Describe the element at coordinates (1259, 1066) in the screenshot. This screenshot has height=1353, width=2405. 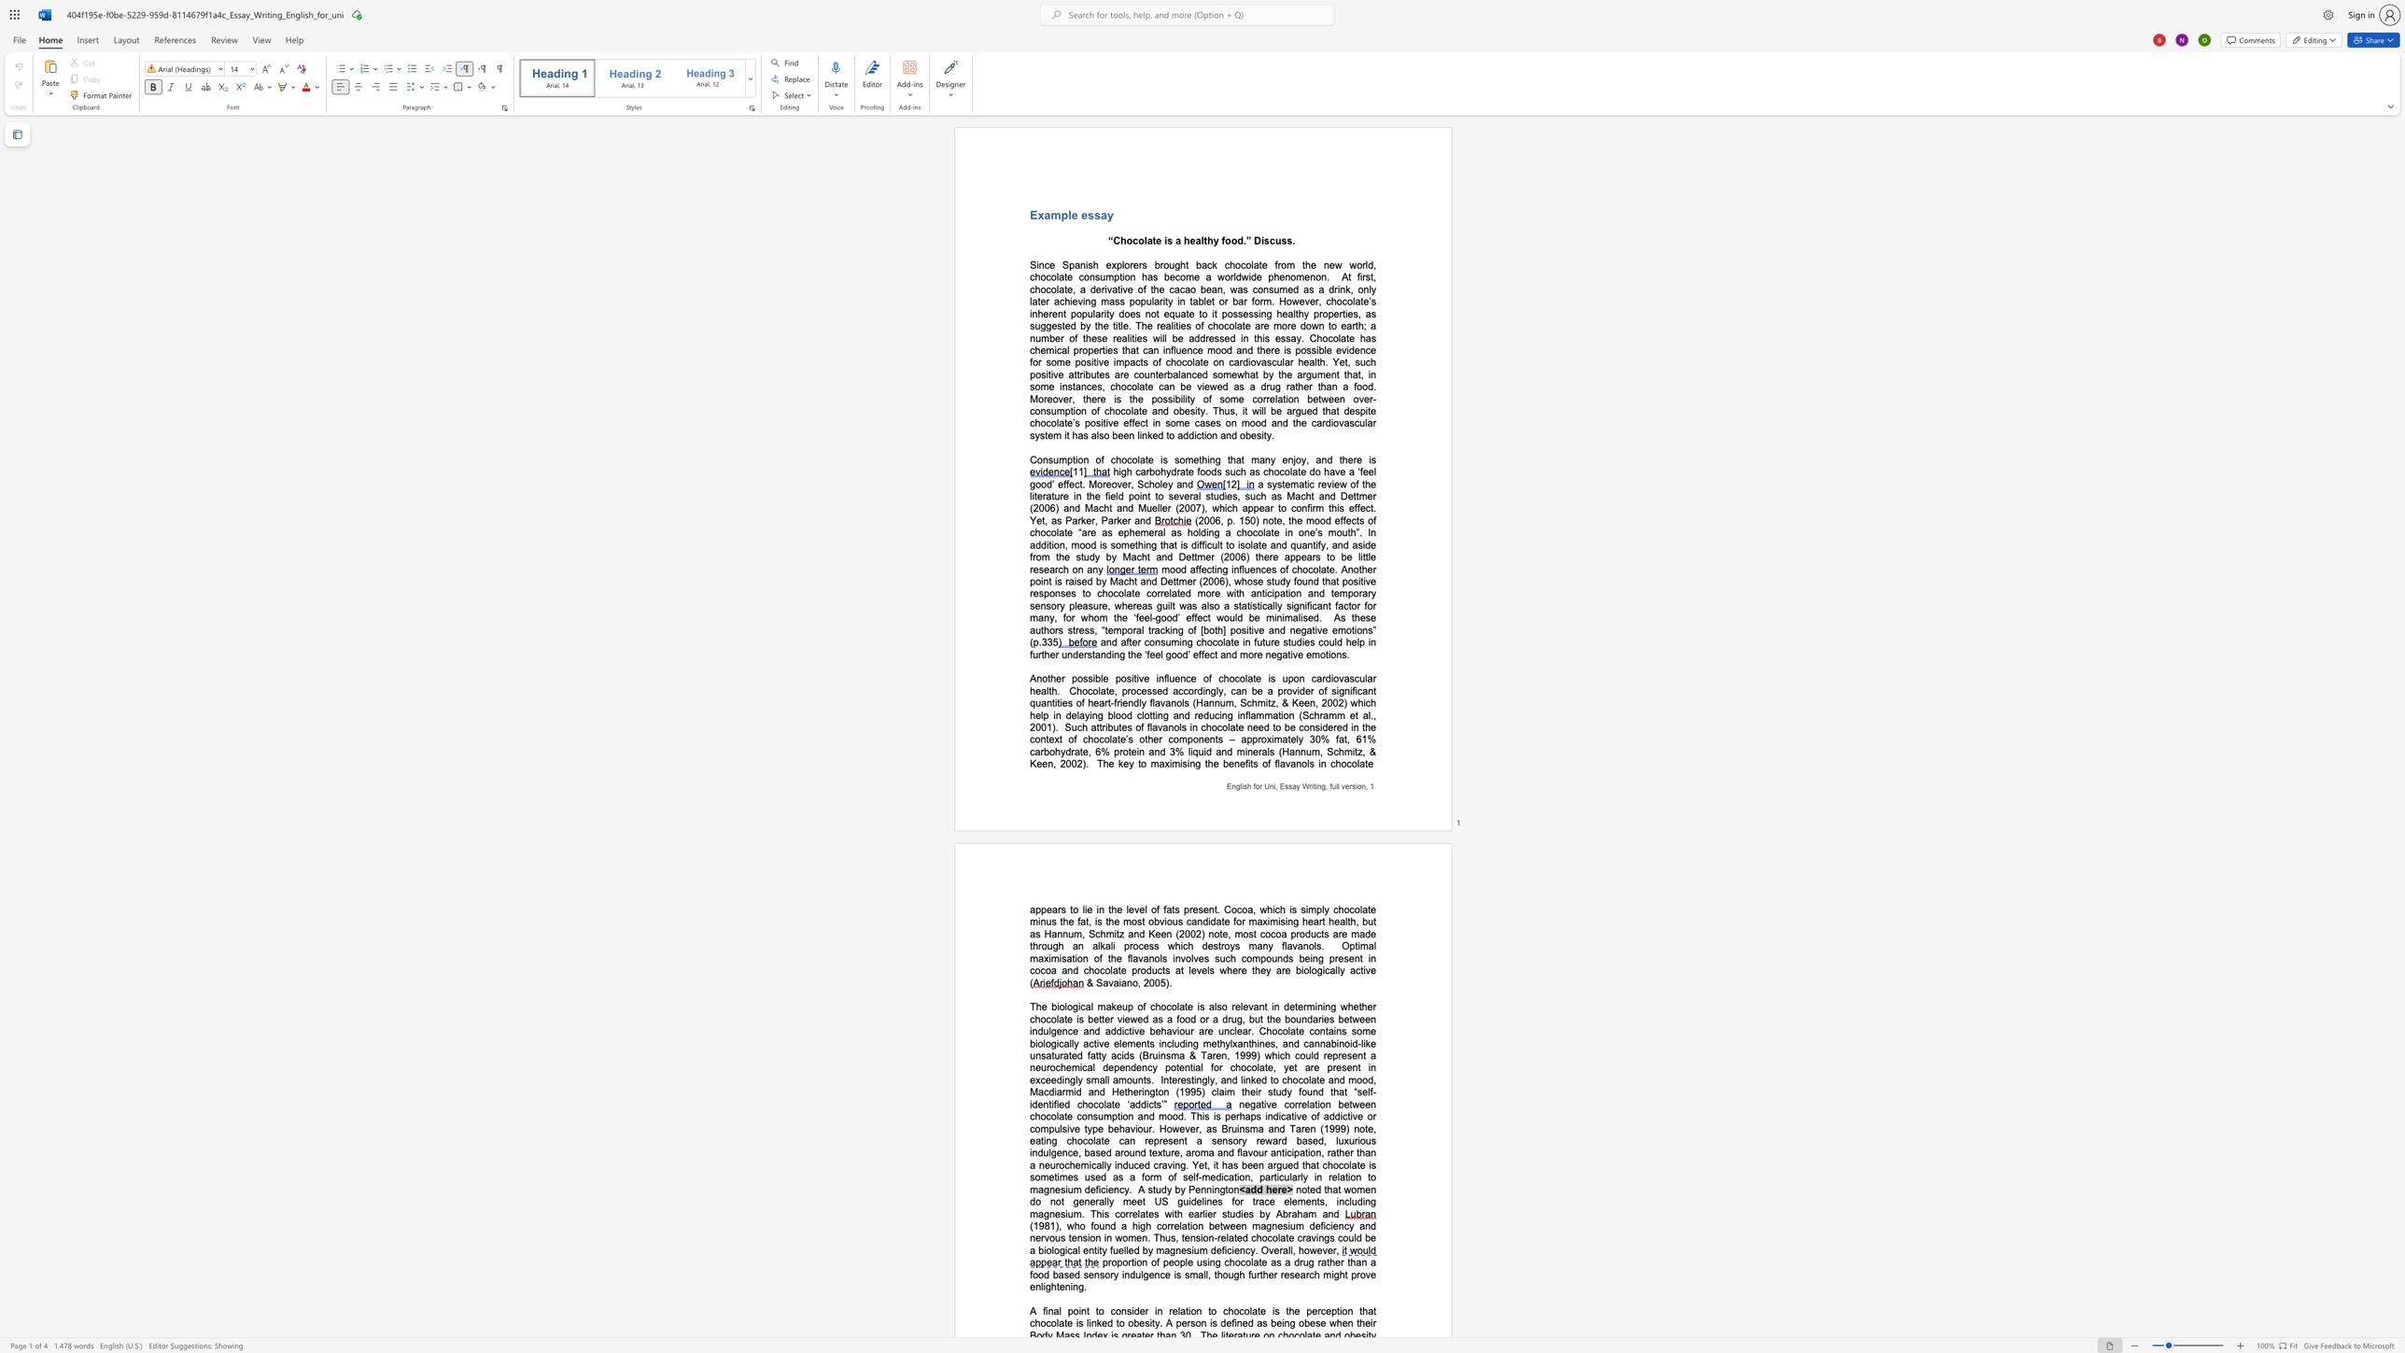
I see `the subset text "ate, yet are present in exceedingly small amoun" within the text "a neurochemical dependency potential for chocolate, yet are present in exceedingly small amounts"` at that location.